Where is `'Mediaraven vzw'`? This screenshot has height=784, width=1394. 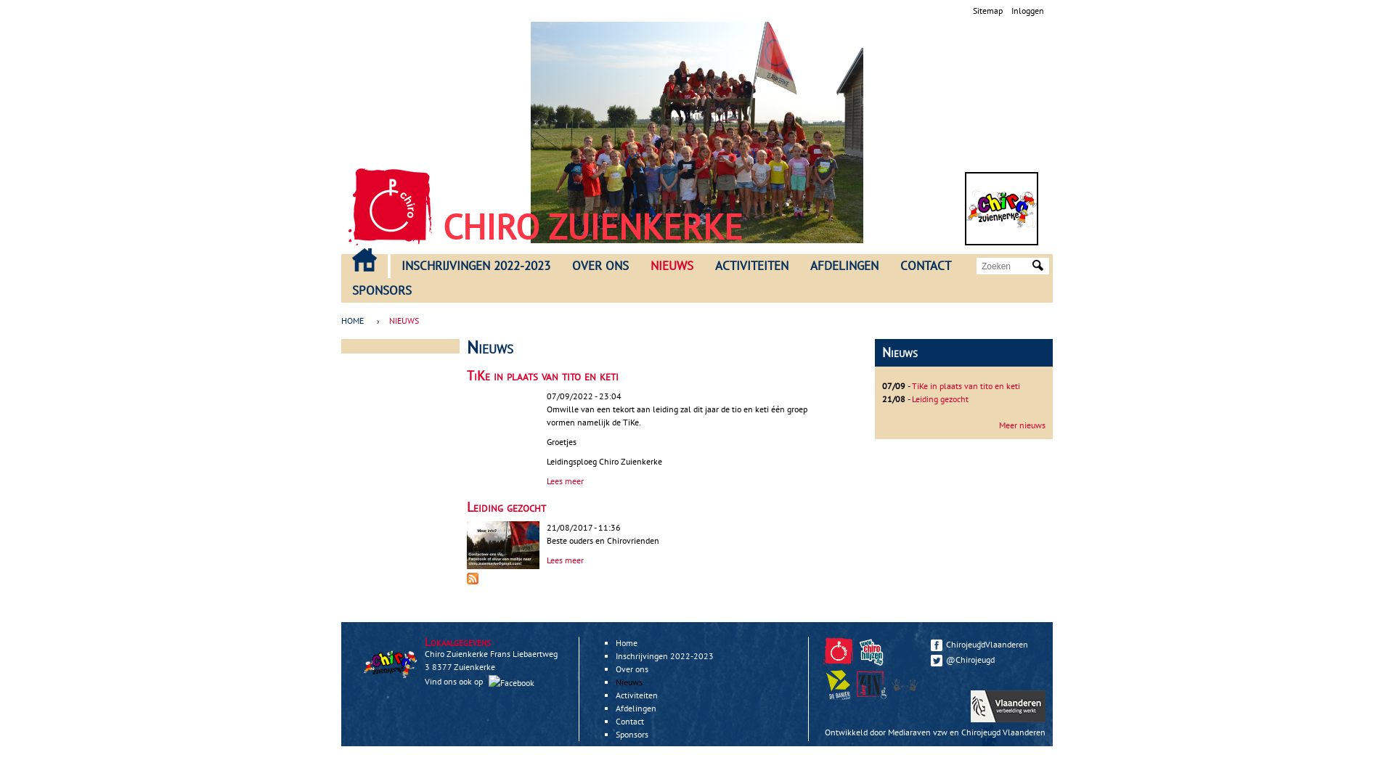 'Mediaraven vzw' is located at coordinates (916, 732).